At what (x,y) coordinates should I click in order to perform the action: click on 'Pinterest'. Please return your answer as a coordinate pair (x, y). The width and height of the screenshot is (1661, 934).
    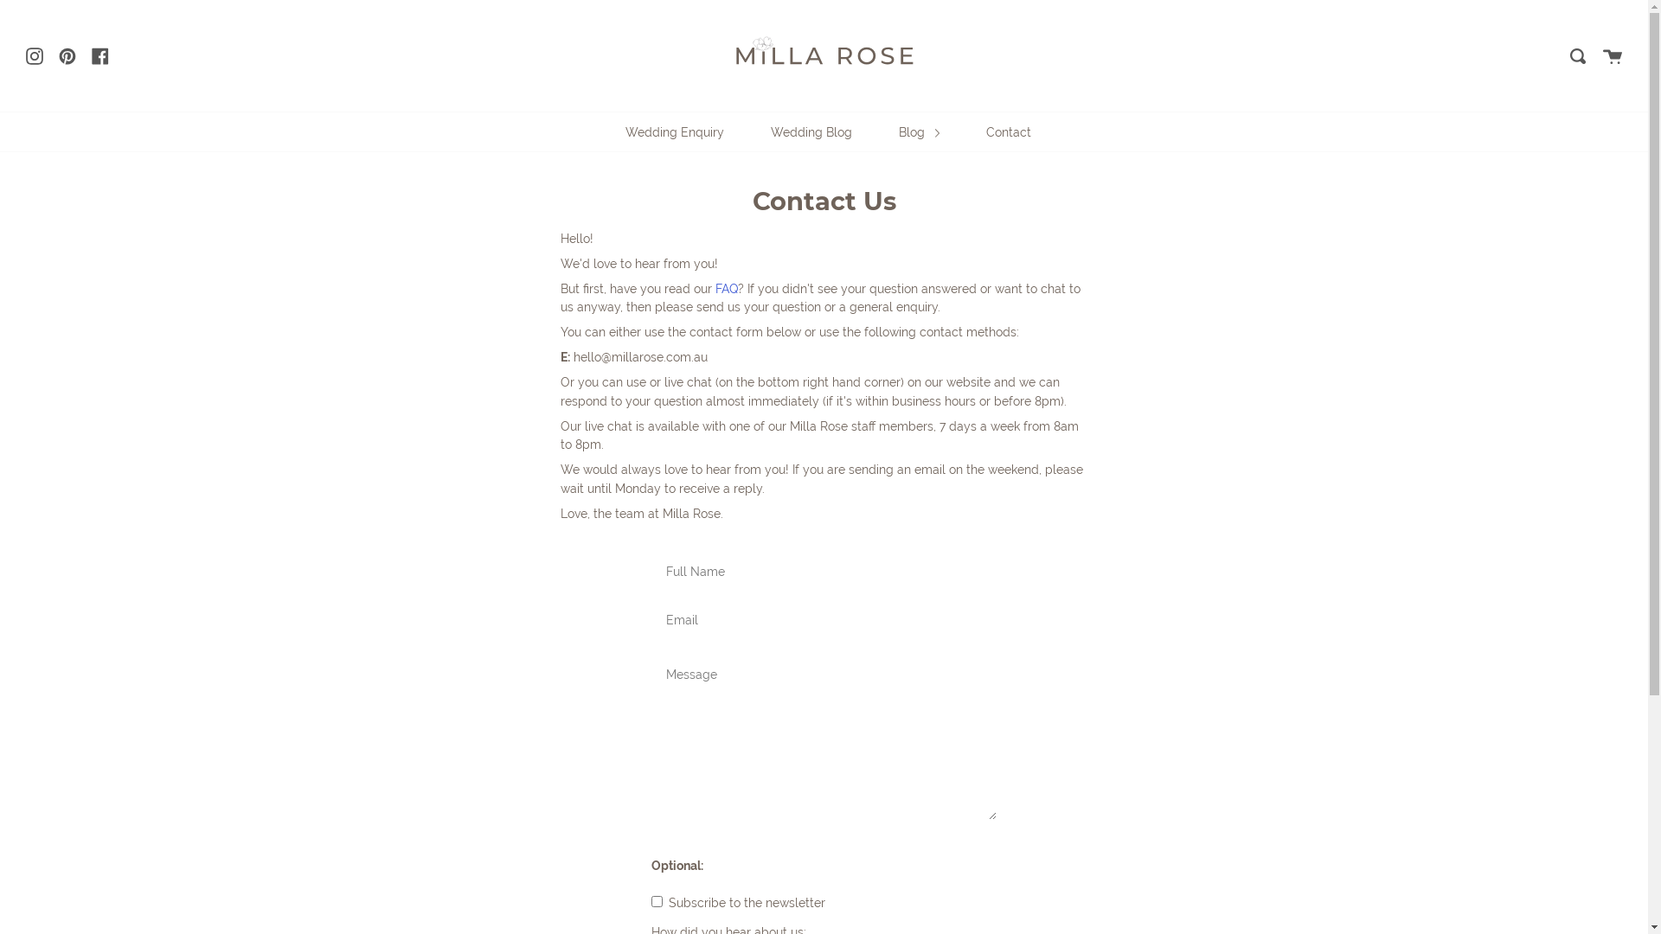
    Looking at the image, I should click on (67, 54).